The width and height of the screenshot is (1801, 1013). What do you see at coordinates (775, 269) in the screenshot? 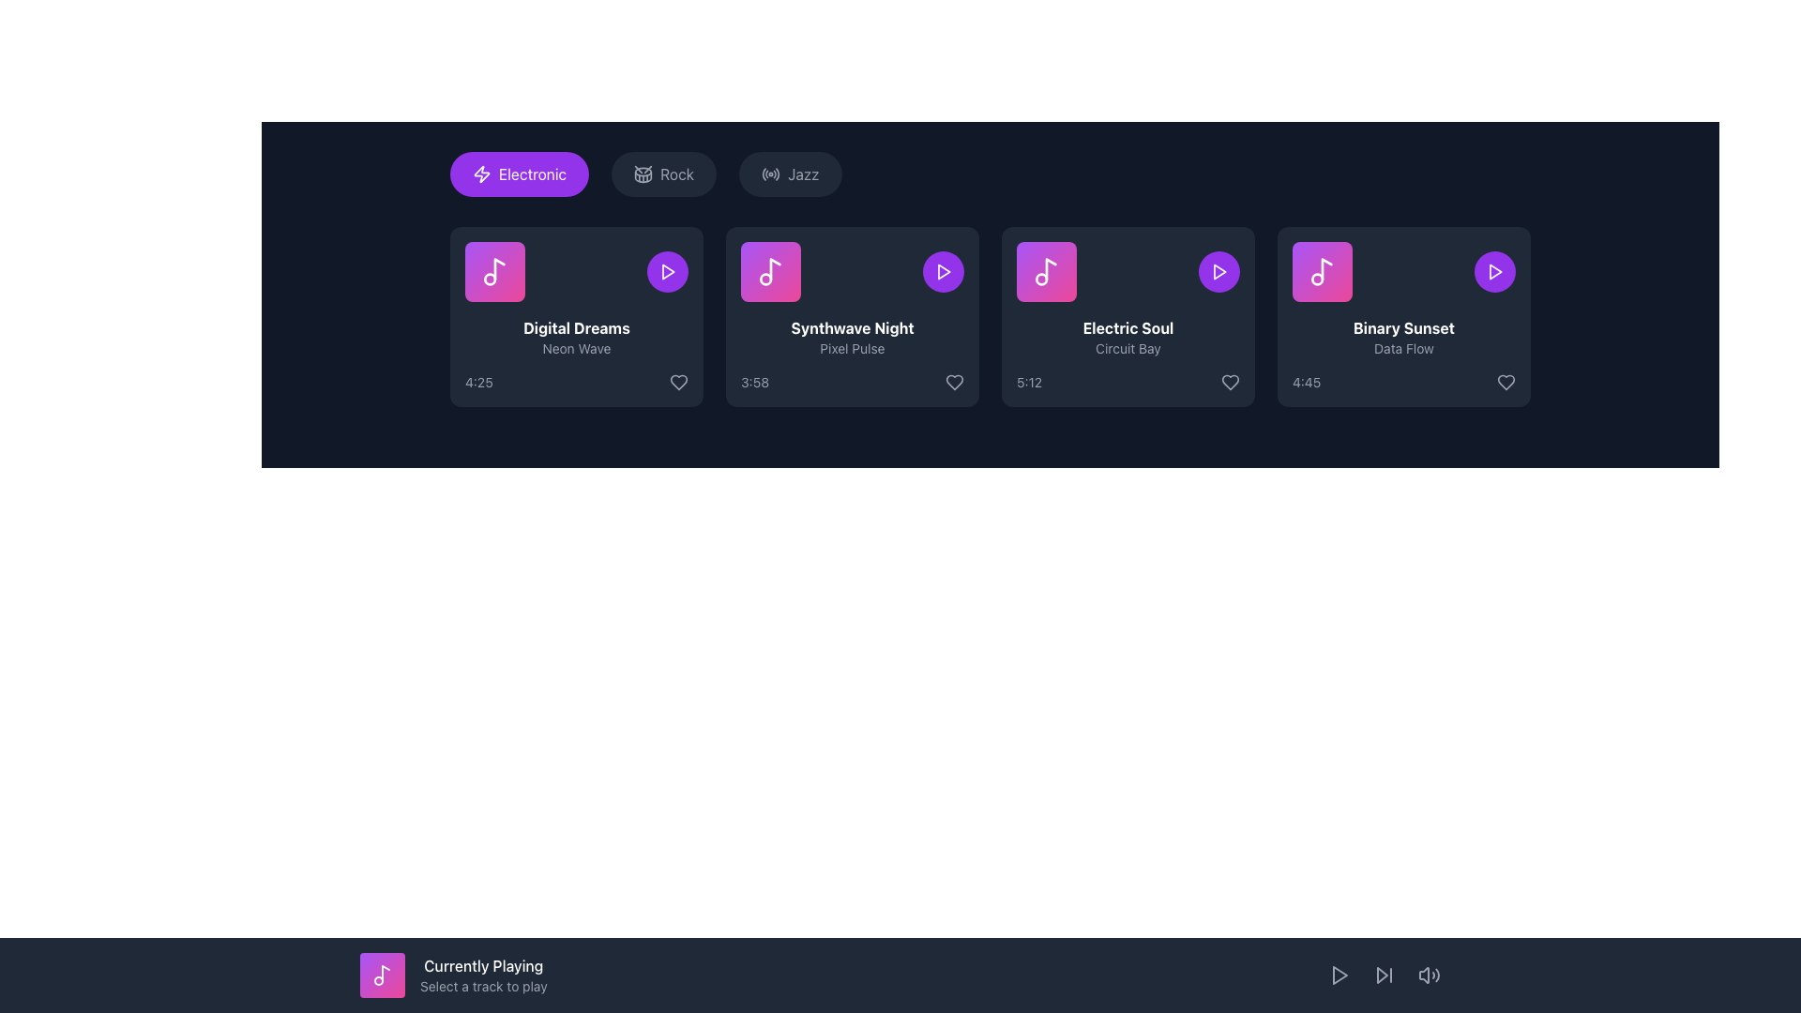
I see `the small musical note icon within the 'Synthwave Night' card in the music thumbnails` at bounding box center [775, 269].